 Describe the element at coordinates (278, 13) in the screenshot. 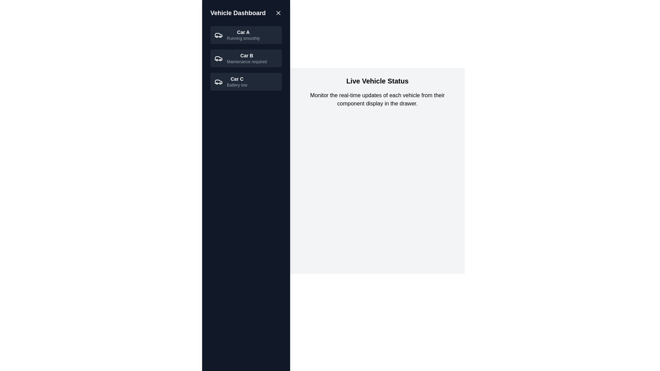

I see `toggle button in the header to change the drawer visibility` at that location.